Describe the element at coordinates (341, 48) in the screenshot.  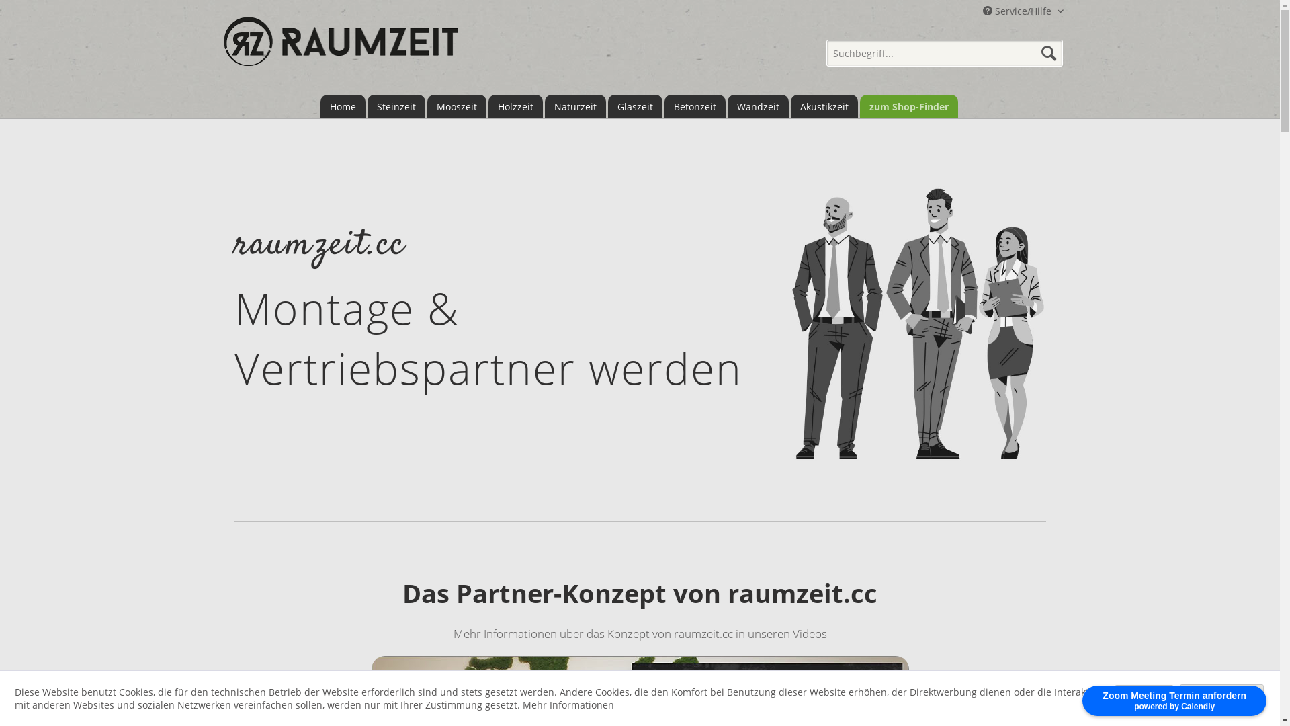
I see `'raumzeit.cc - zur Startseite wechseln'` at that location.